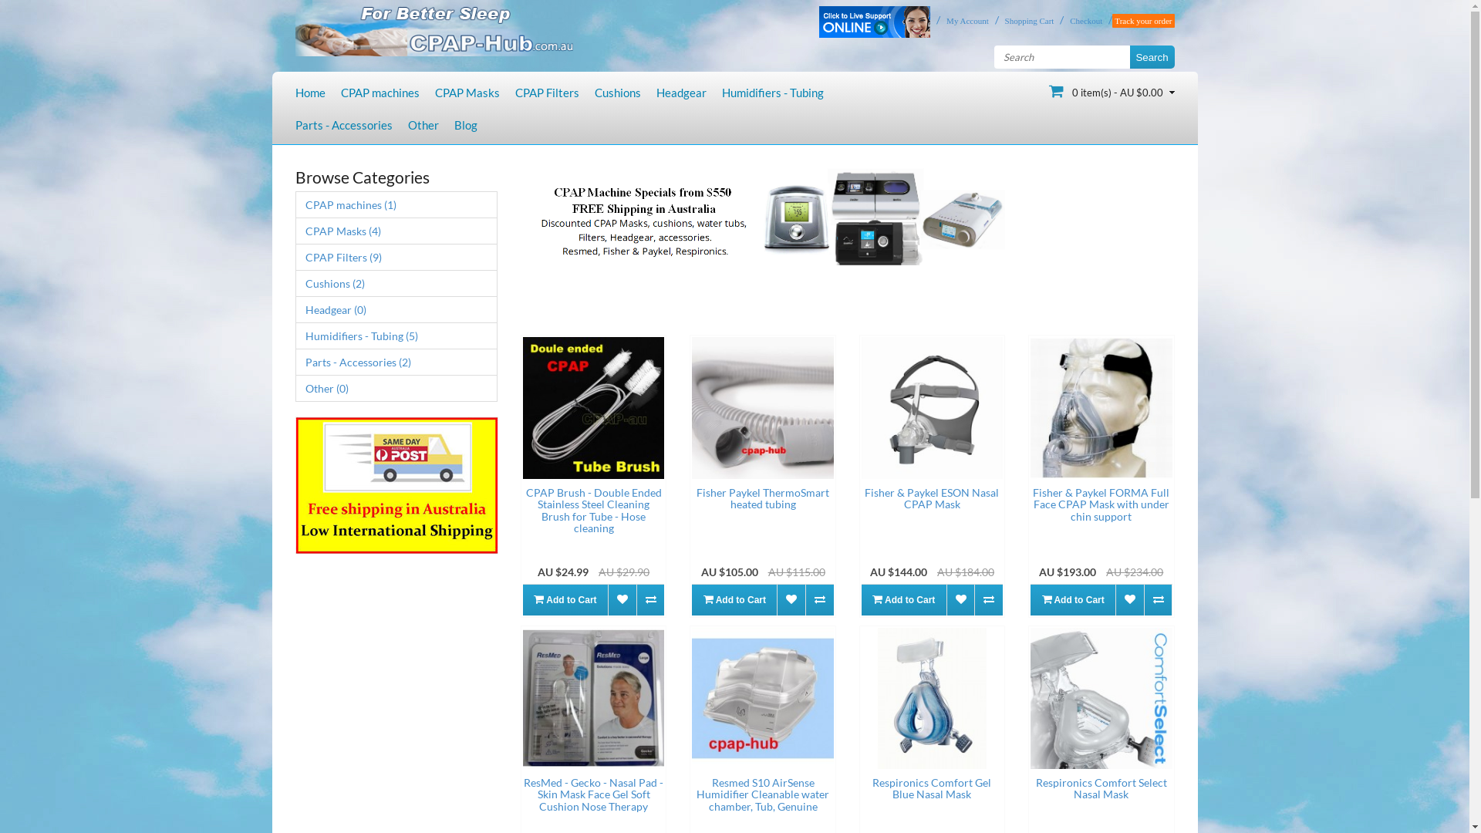 Image resolution: width=1481 pixels, height=833 pixels. What do you see at coordinates (1072, 599) in the screenshot?
I see `'Add to Cart'` at bounding box center [1072, 599].